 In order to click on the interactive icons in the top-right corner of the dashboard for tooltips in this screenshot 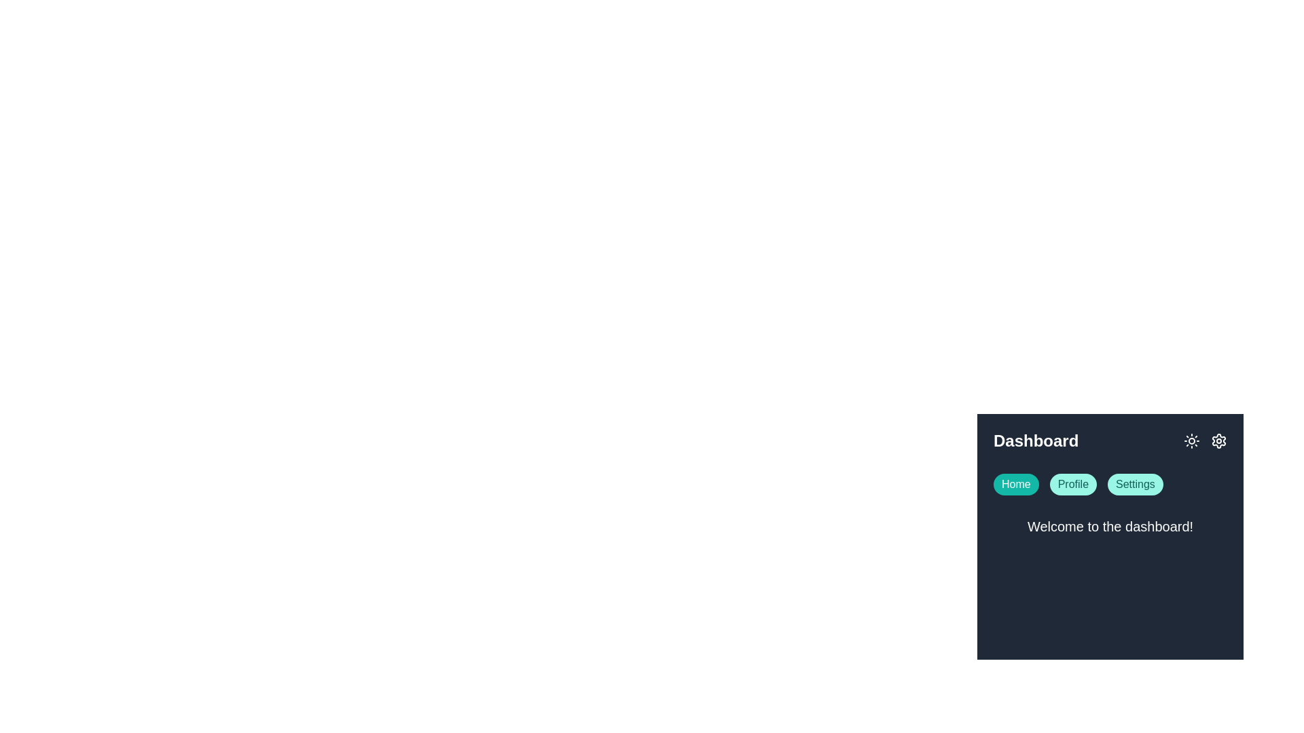, I will do `click(1206, 441)`.